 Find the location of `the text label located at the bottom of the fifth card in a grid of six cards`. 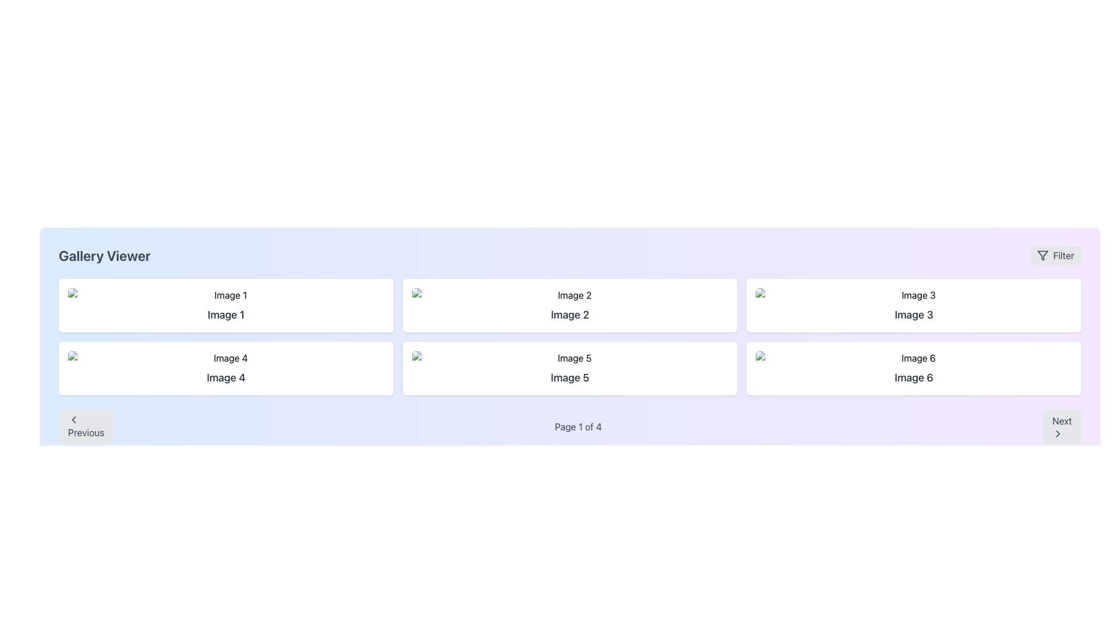

the text label located at the bottom of the fifth card in a grid of six cards is located at coordinates (570, 377).